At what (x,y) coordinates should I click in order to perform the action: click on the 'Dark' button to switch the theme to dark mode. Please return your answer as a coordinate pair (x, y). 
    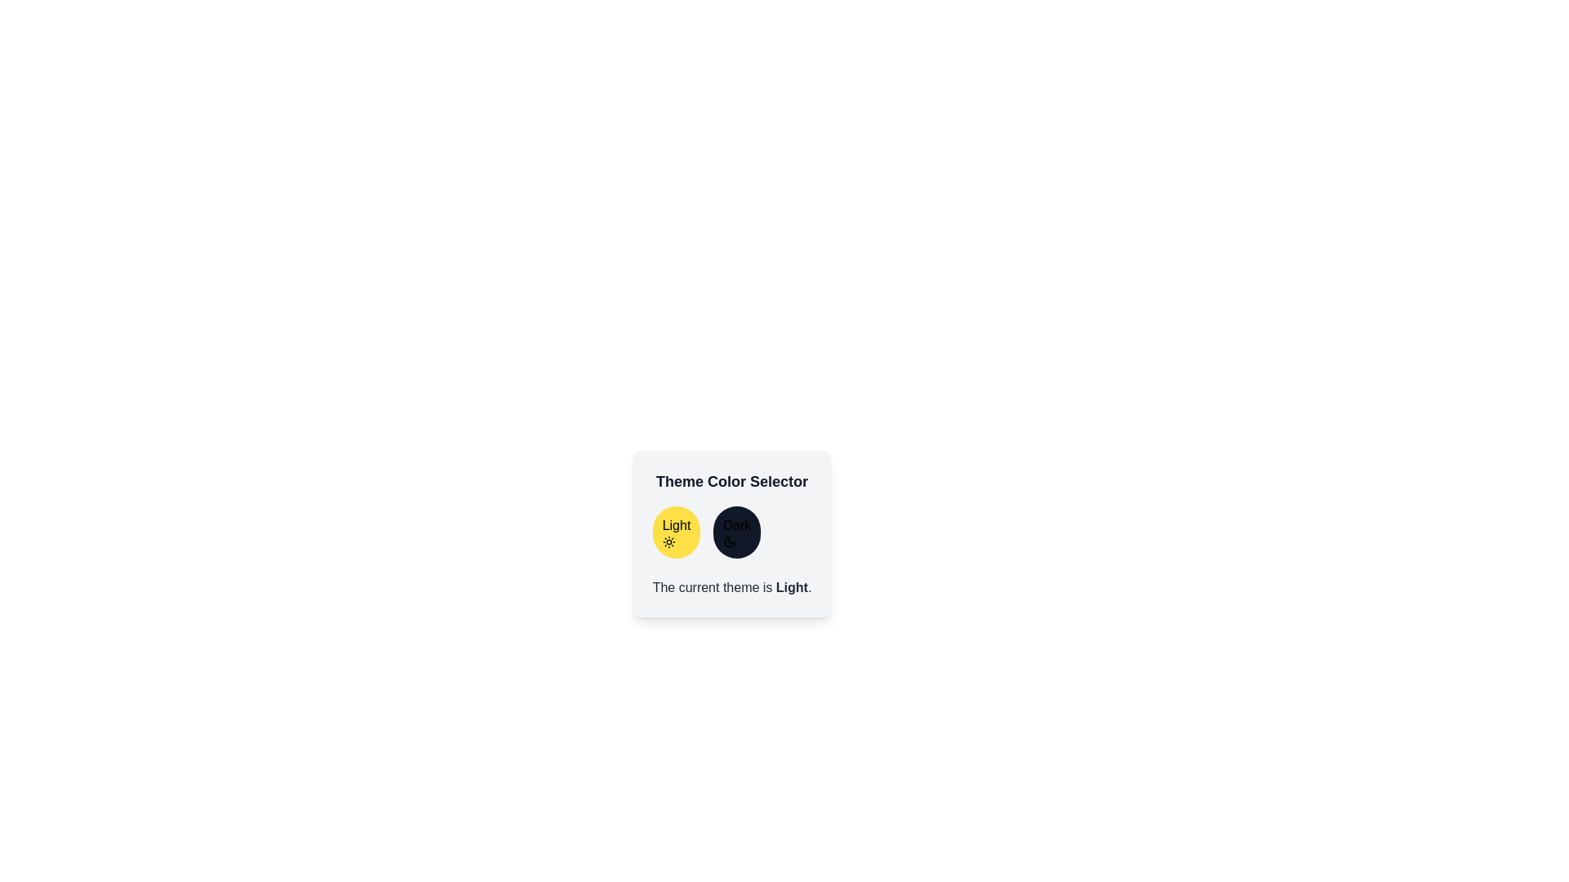
    Looking at the image, I should click on (736, 532).